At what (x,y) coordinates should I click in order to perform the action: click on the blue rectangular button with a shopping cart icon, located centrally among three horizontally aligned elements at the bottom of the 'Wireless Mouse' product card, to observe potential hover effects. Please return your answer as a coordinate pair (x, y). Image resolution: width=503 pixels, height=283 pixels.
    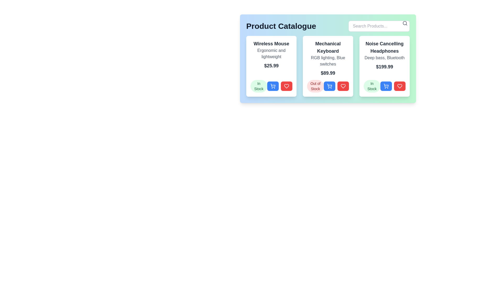
    Looking at the image, I should click on (271, 86).